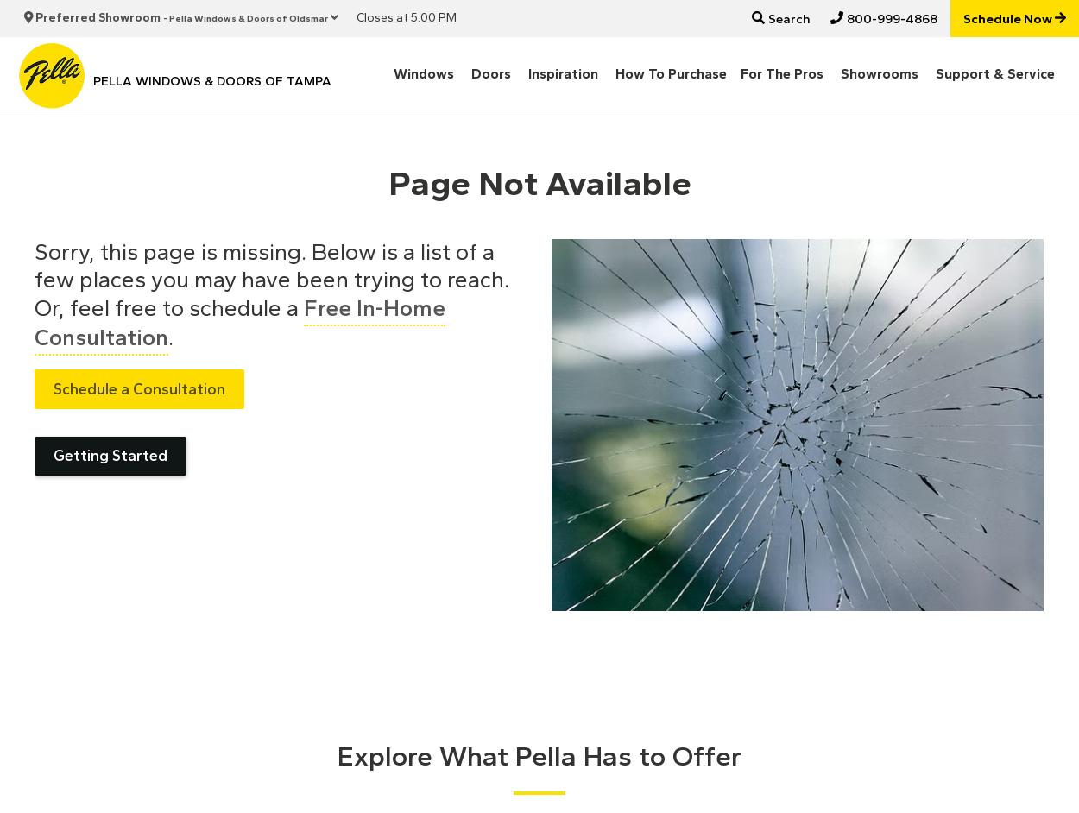 The width and height of the screenshot is (1079, 813). What do you see at coordinates (9, 12) in the screenshot?
I see `'___'` at bounding box center [9, 12].